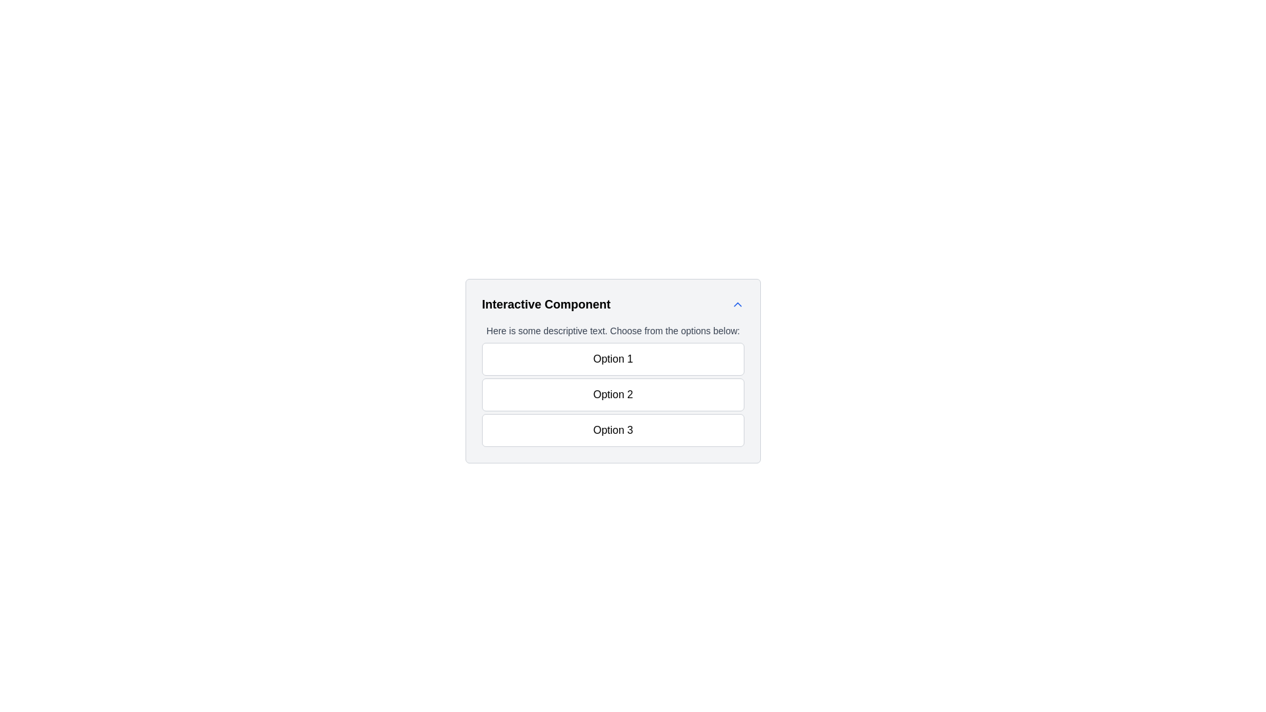 Image resolution: width=1266 pixels, height=712 pixels. What do you see at coordinates (669, 394) in the screenshot?
I see `the second selectable option within the 'Interactive Component' panel` at bounding box center [669, 394].